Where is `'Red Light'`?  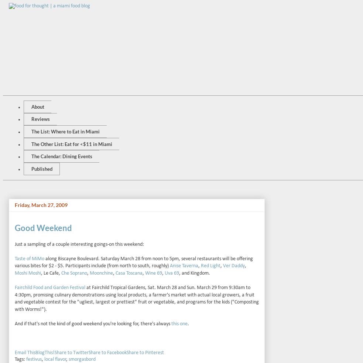 'Red Light' is located at coordinates (201, 265).